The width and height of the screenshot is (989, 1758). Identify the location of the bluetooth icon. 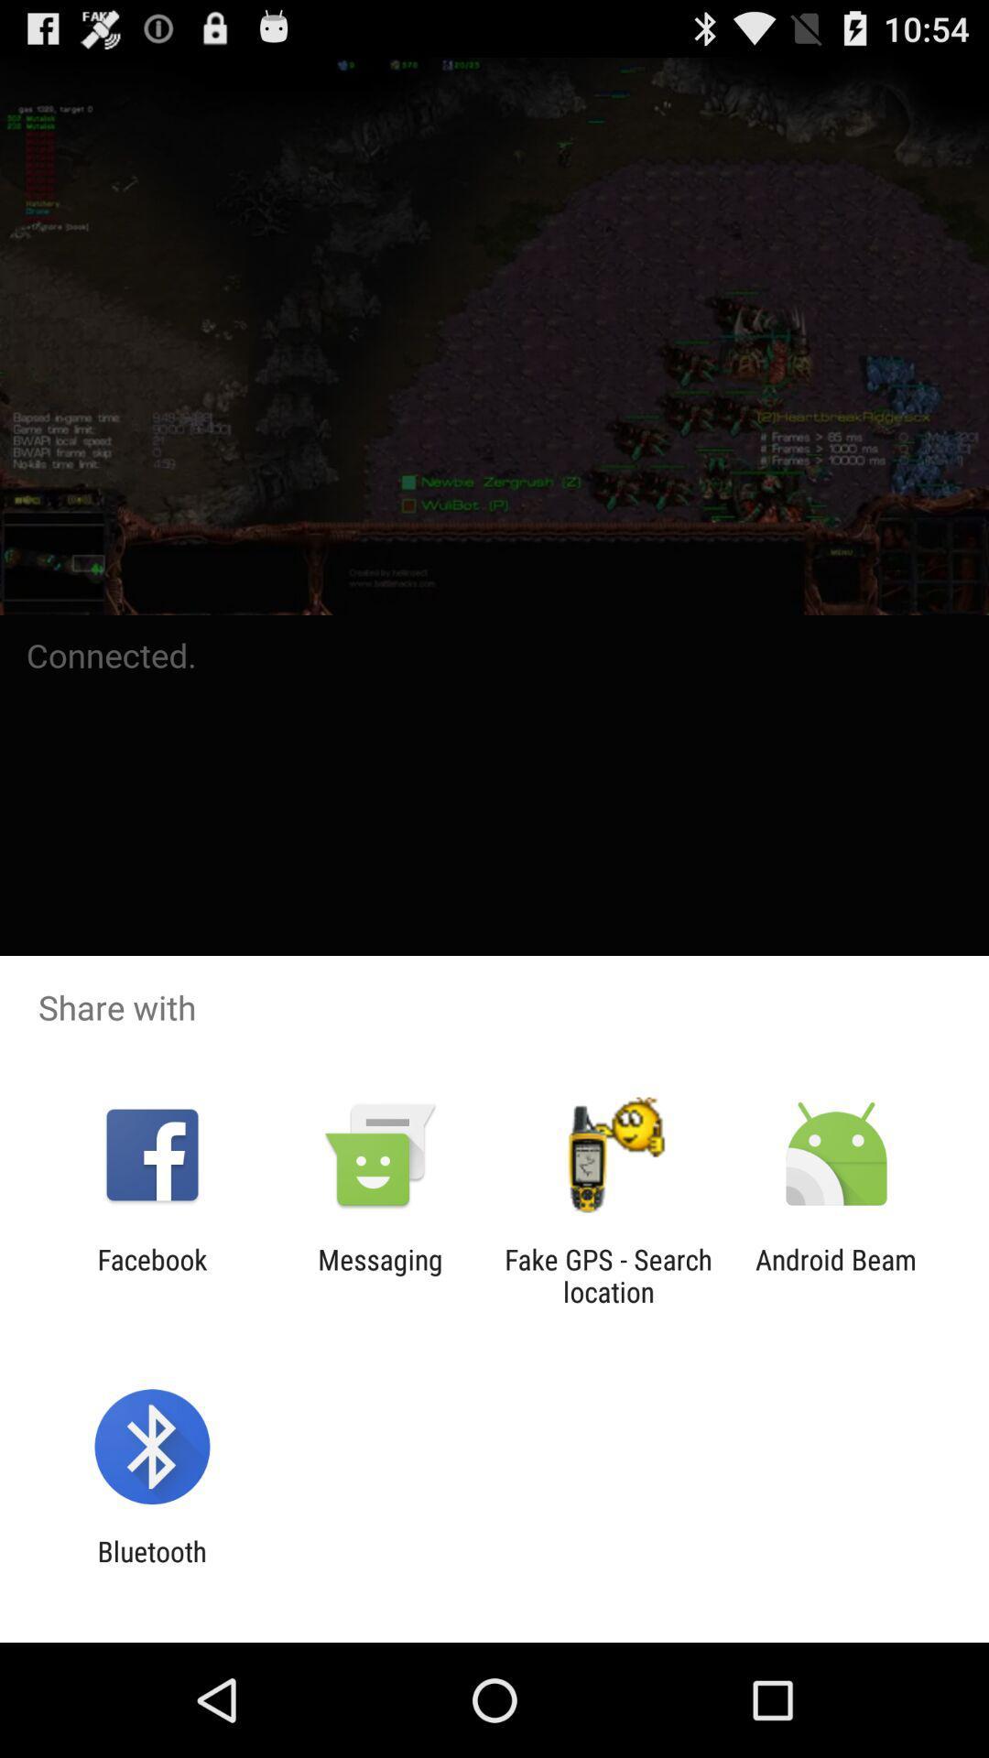
(151, 1567).